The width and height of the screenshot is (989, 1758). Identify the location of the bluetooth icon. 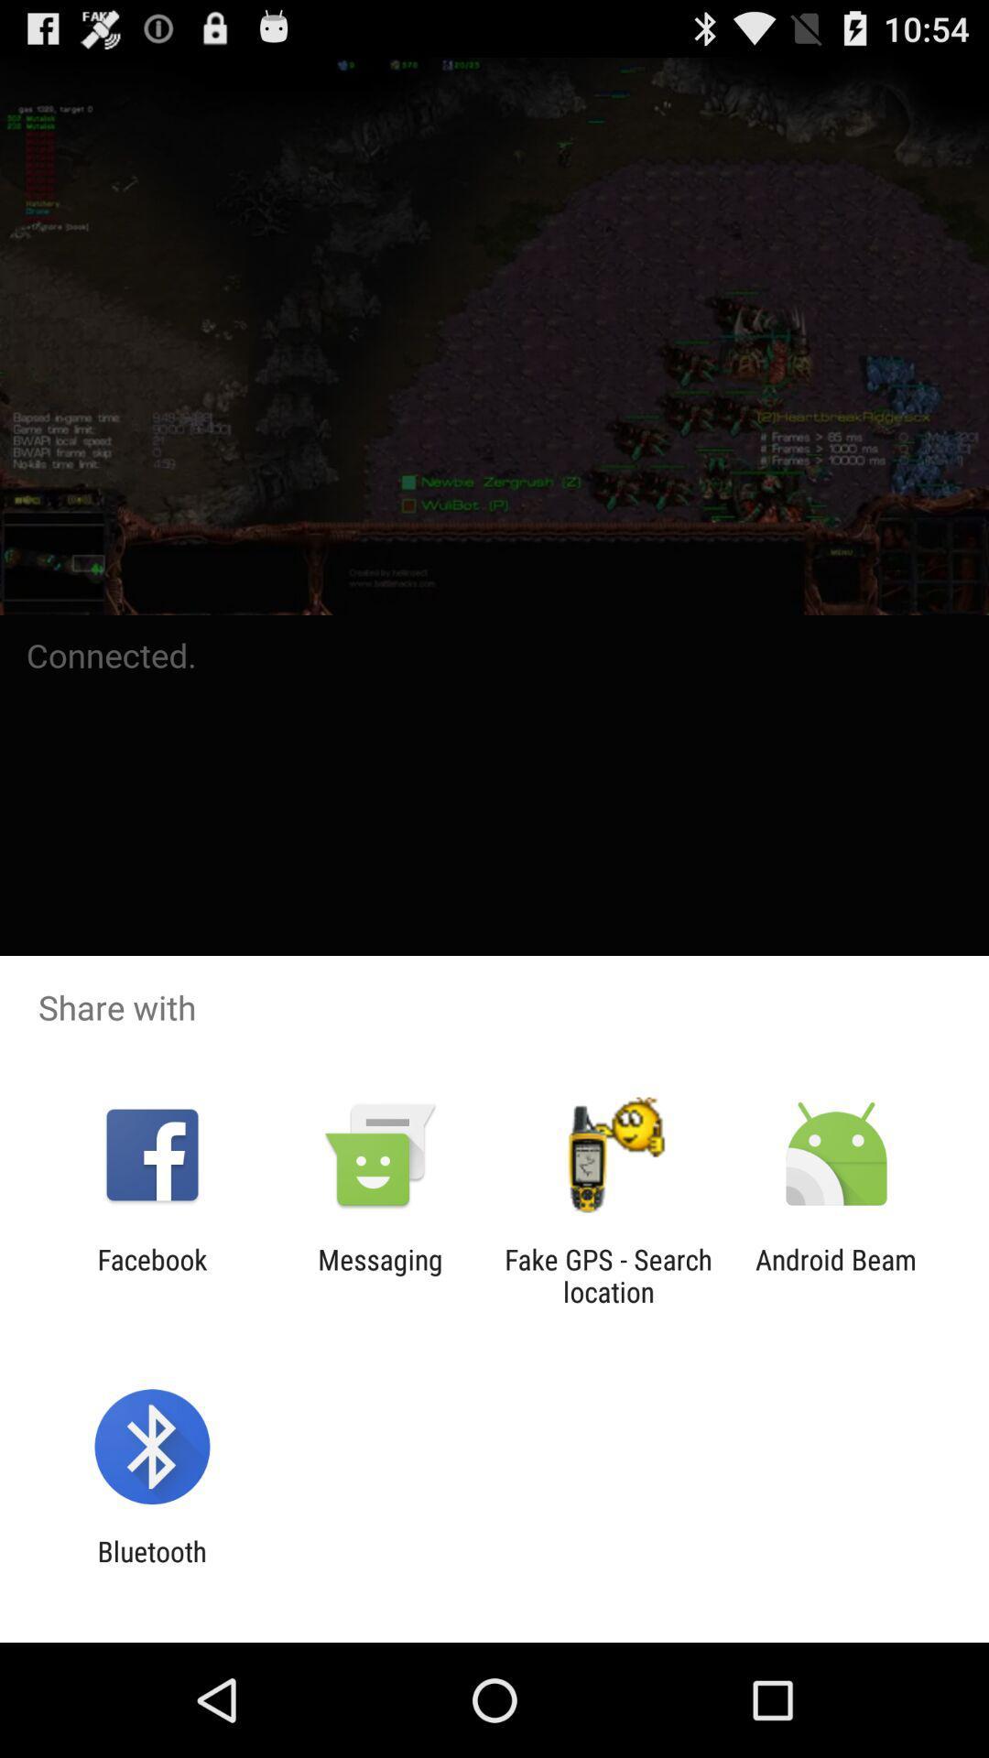
(151, 1567).